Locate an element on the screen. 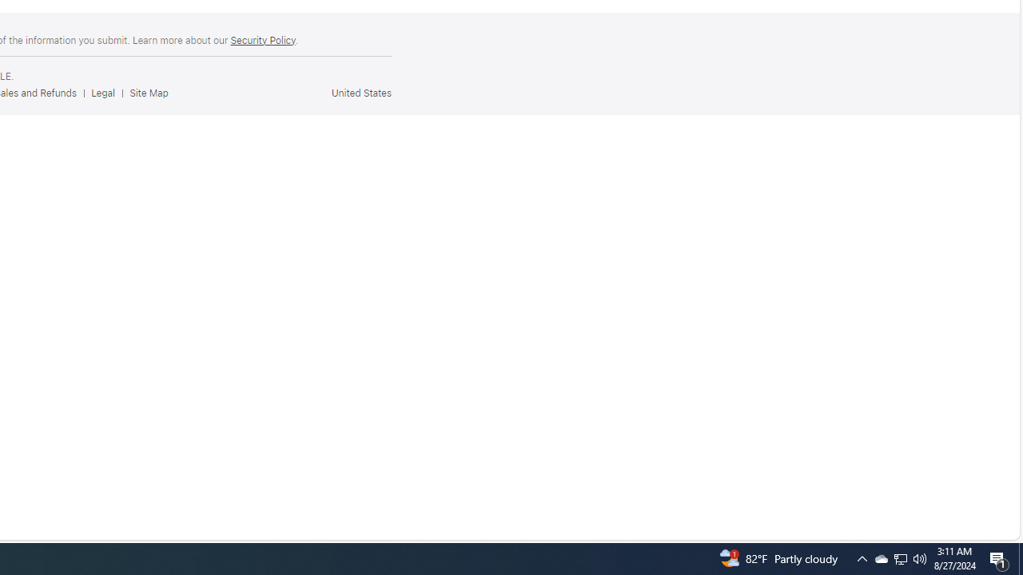 This screenshot has width=1023, height=575. 'United States' is located at coordinates (360, 93).